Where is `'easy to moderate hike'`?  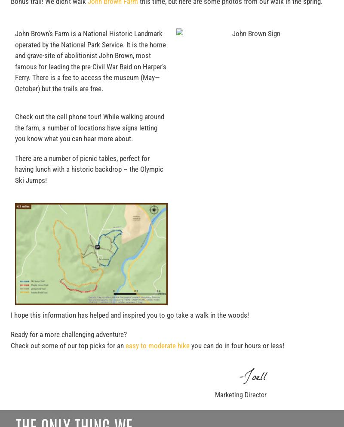
'easy to moderate hike' is located at coordinates (126, 345).